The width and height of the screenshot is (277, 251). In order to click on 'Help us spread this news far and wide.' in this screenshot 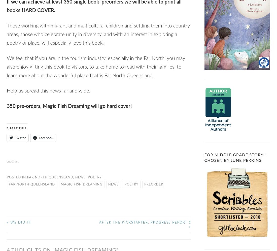, I will do `click(6, 91)`.